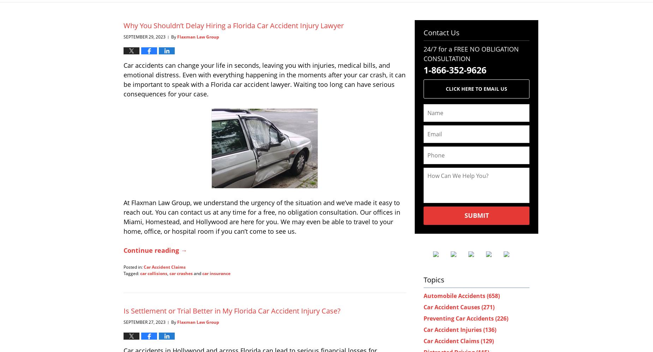 This screenshot has width=653, height=352. What do you see at coordinates (487, 306) in the screenshot?
I see `'(271)'` at bounding box center [487, 306].